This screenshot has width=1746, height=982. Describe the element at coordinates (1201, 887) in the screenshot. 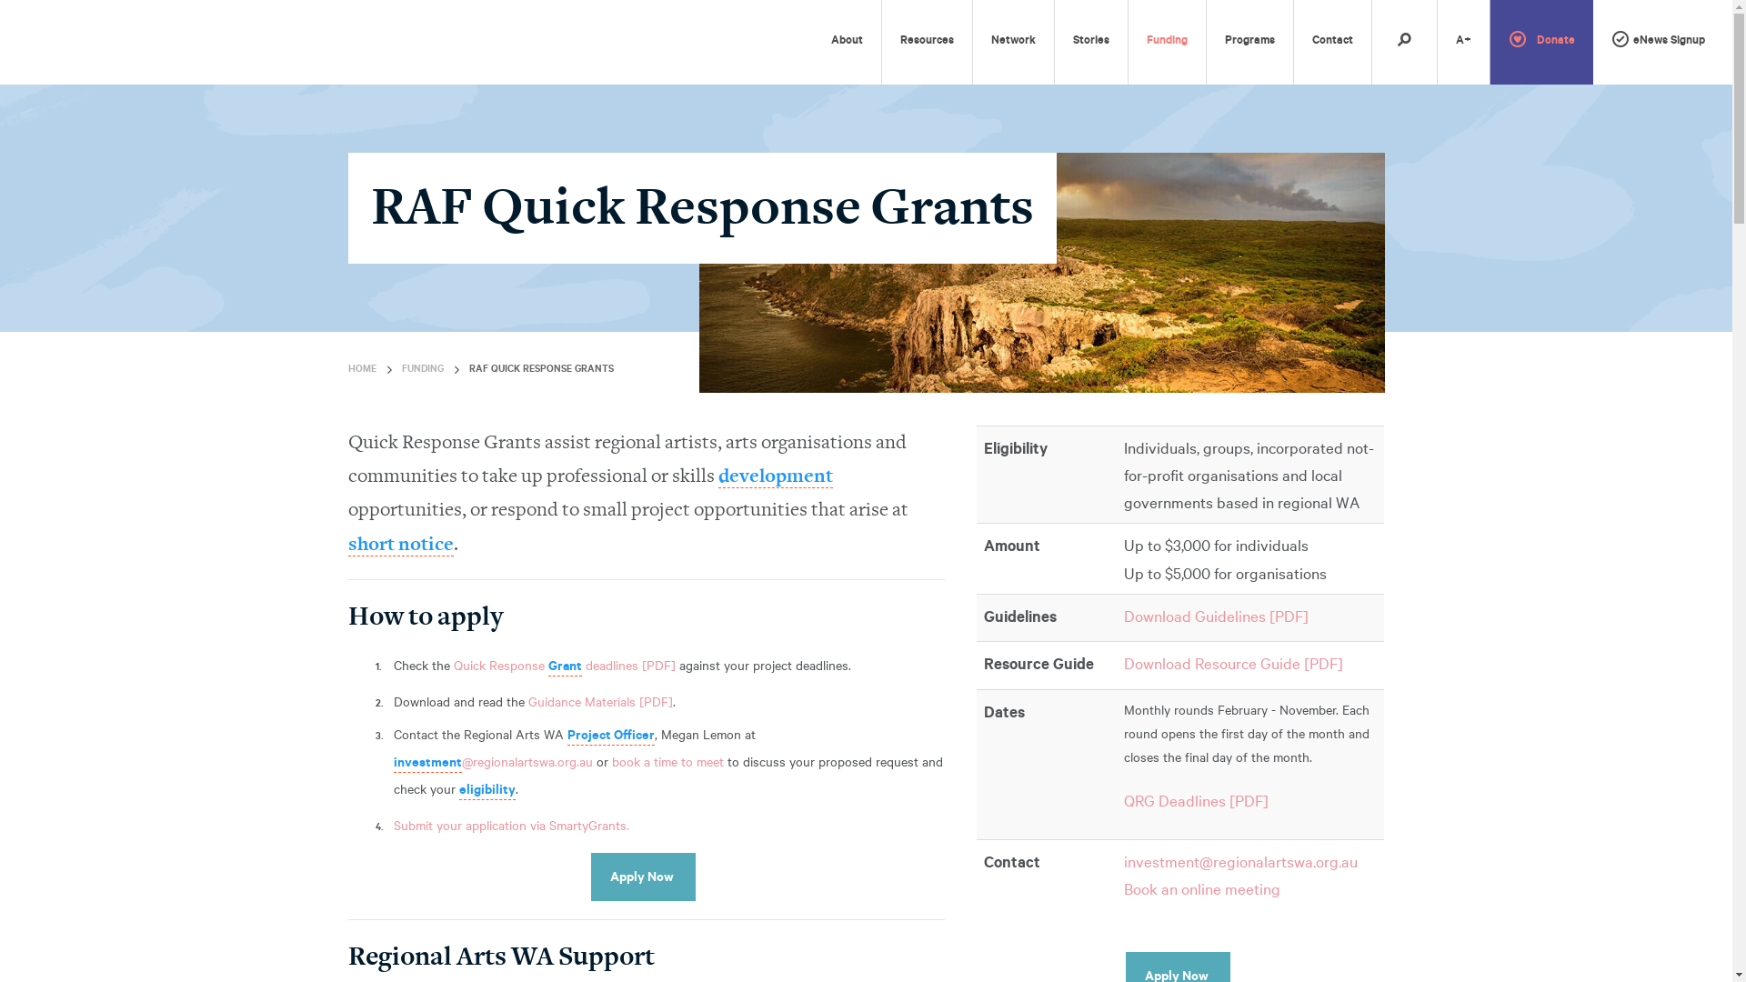

I see `'Book an online meeting'` at that location.